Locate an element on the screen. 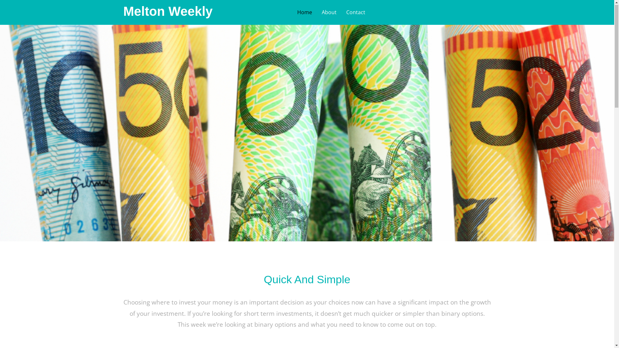 This screenshot has width=619, height=348. 'Home' is located at coordinates (304, 12).